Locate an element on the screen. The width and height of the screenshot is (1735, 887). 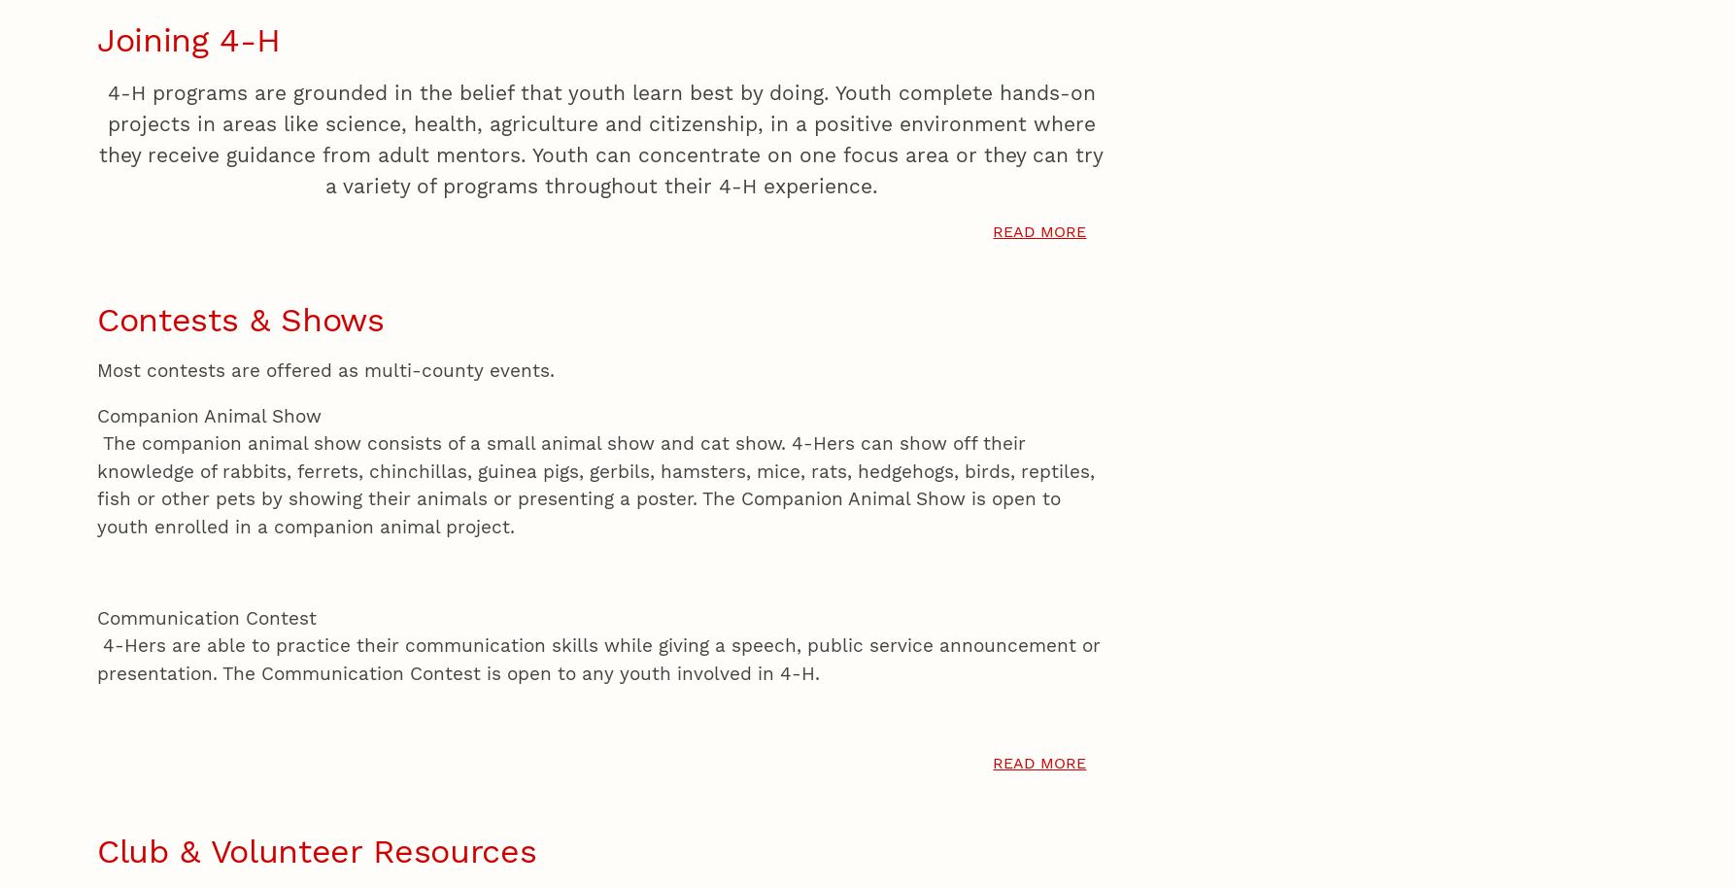
'UNL web framework and quality assurance provided by the' is located at coordinates (300, 121).